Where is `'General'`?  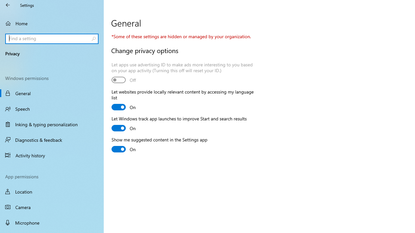 'General' is located at coordinates (52, 93).